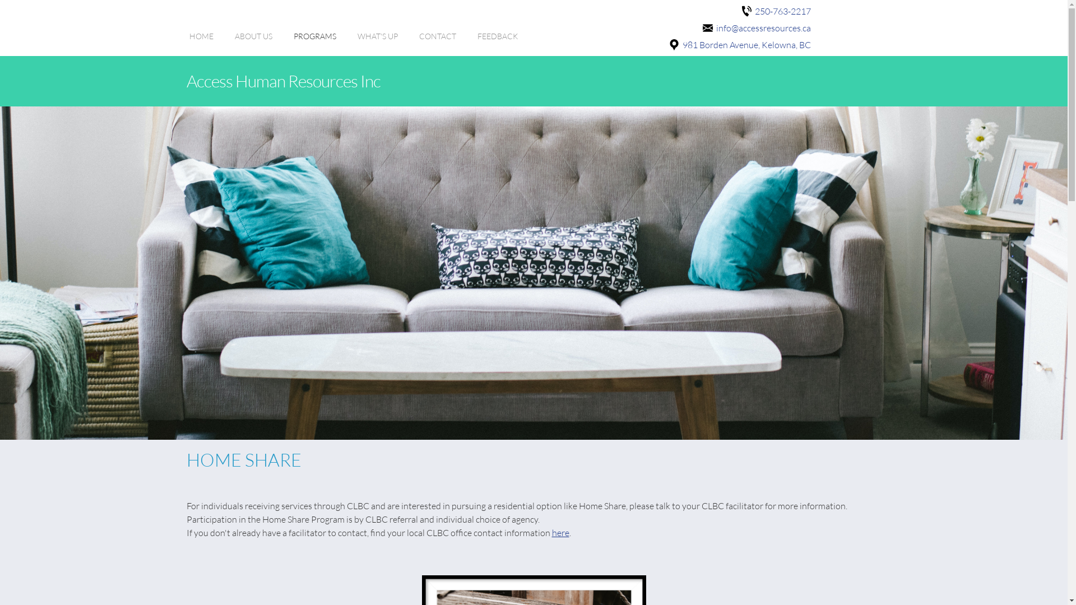 Image resolution: width=1076 pixels, height=605 pixels. Describe the element at coordinates (377, 41) in the screenshot. I see `'WHAT'S UP'` at that location.